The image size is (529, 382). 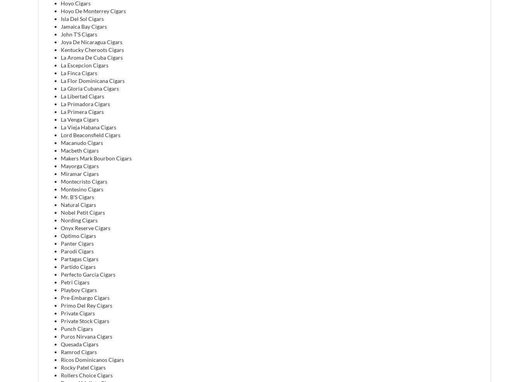 I want to click on 'La Vieja Habana Cigars', so click(x=88, y=127).